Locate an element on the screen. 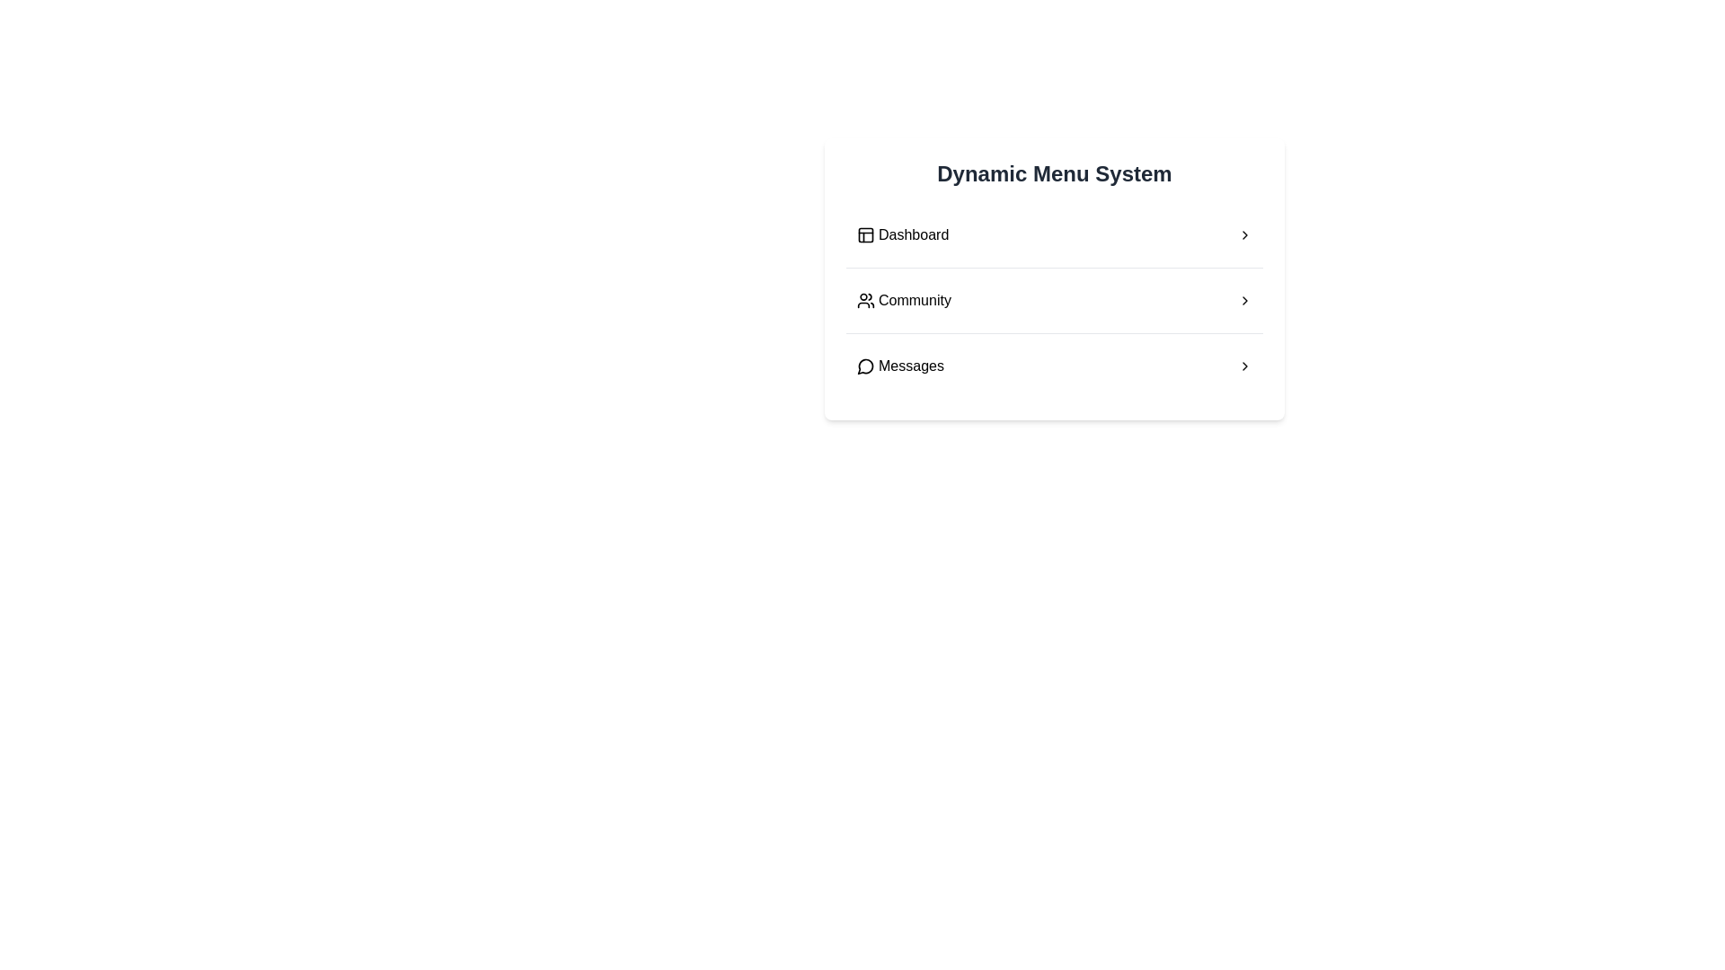 This screenshot has width=1725, height=970. the right-facing chevron icon at the end of the 'Dashboard' row is located at coordinates (1244, 234).